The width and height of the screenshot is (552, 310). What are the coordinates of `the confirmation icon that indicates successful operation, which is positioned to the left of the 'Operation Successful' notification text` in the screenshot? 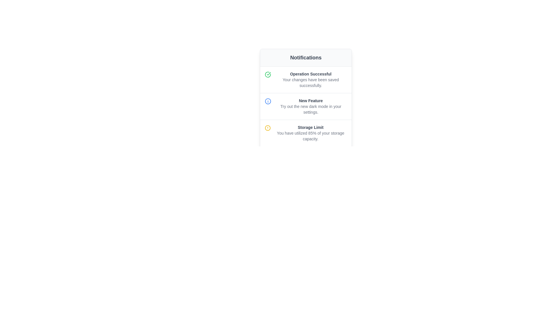 It's located at (269, 73).